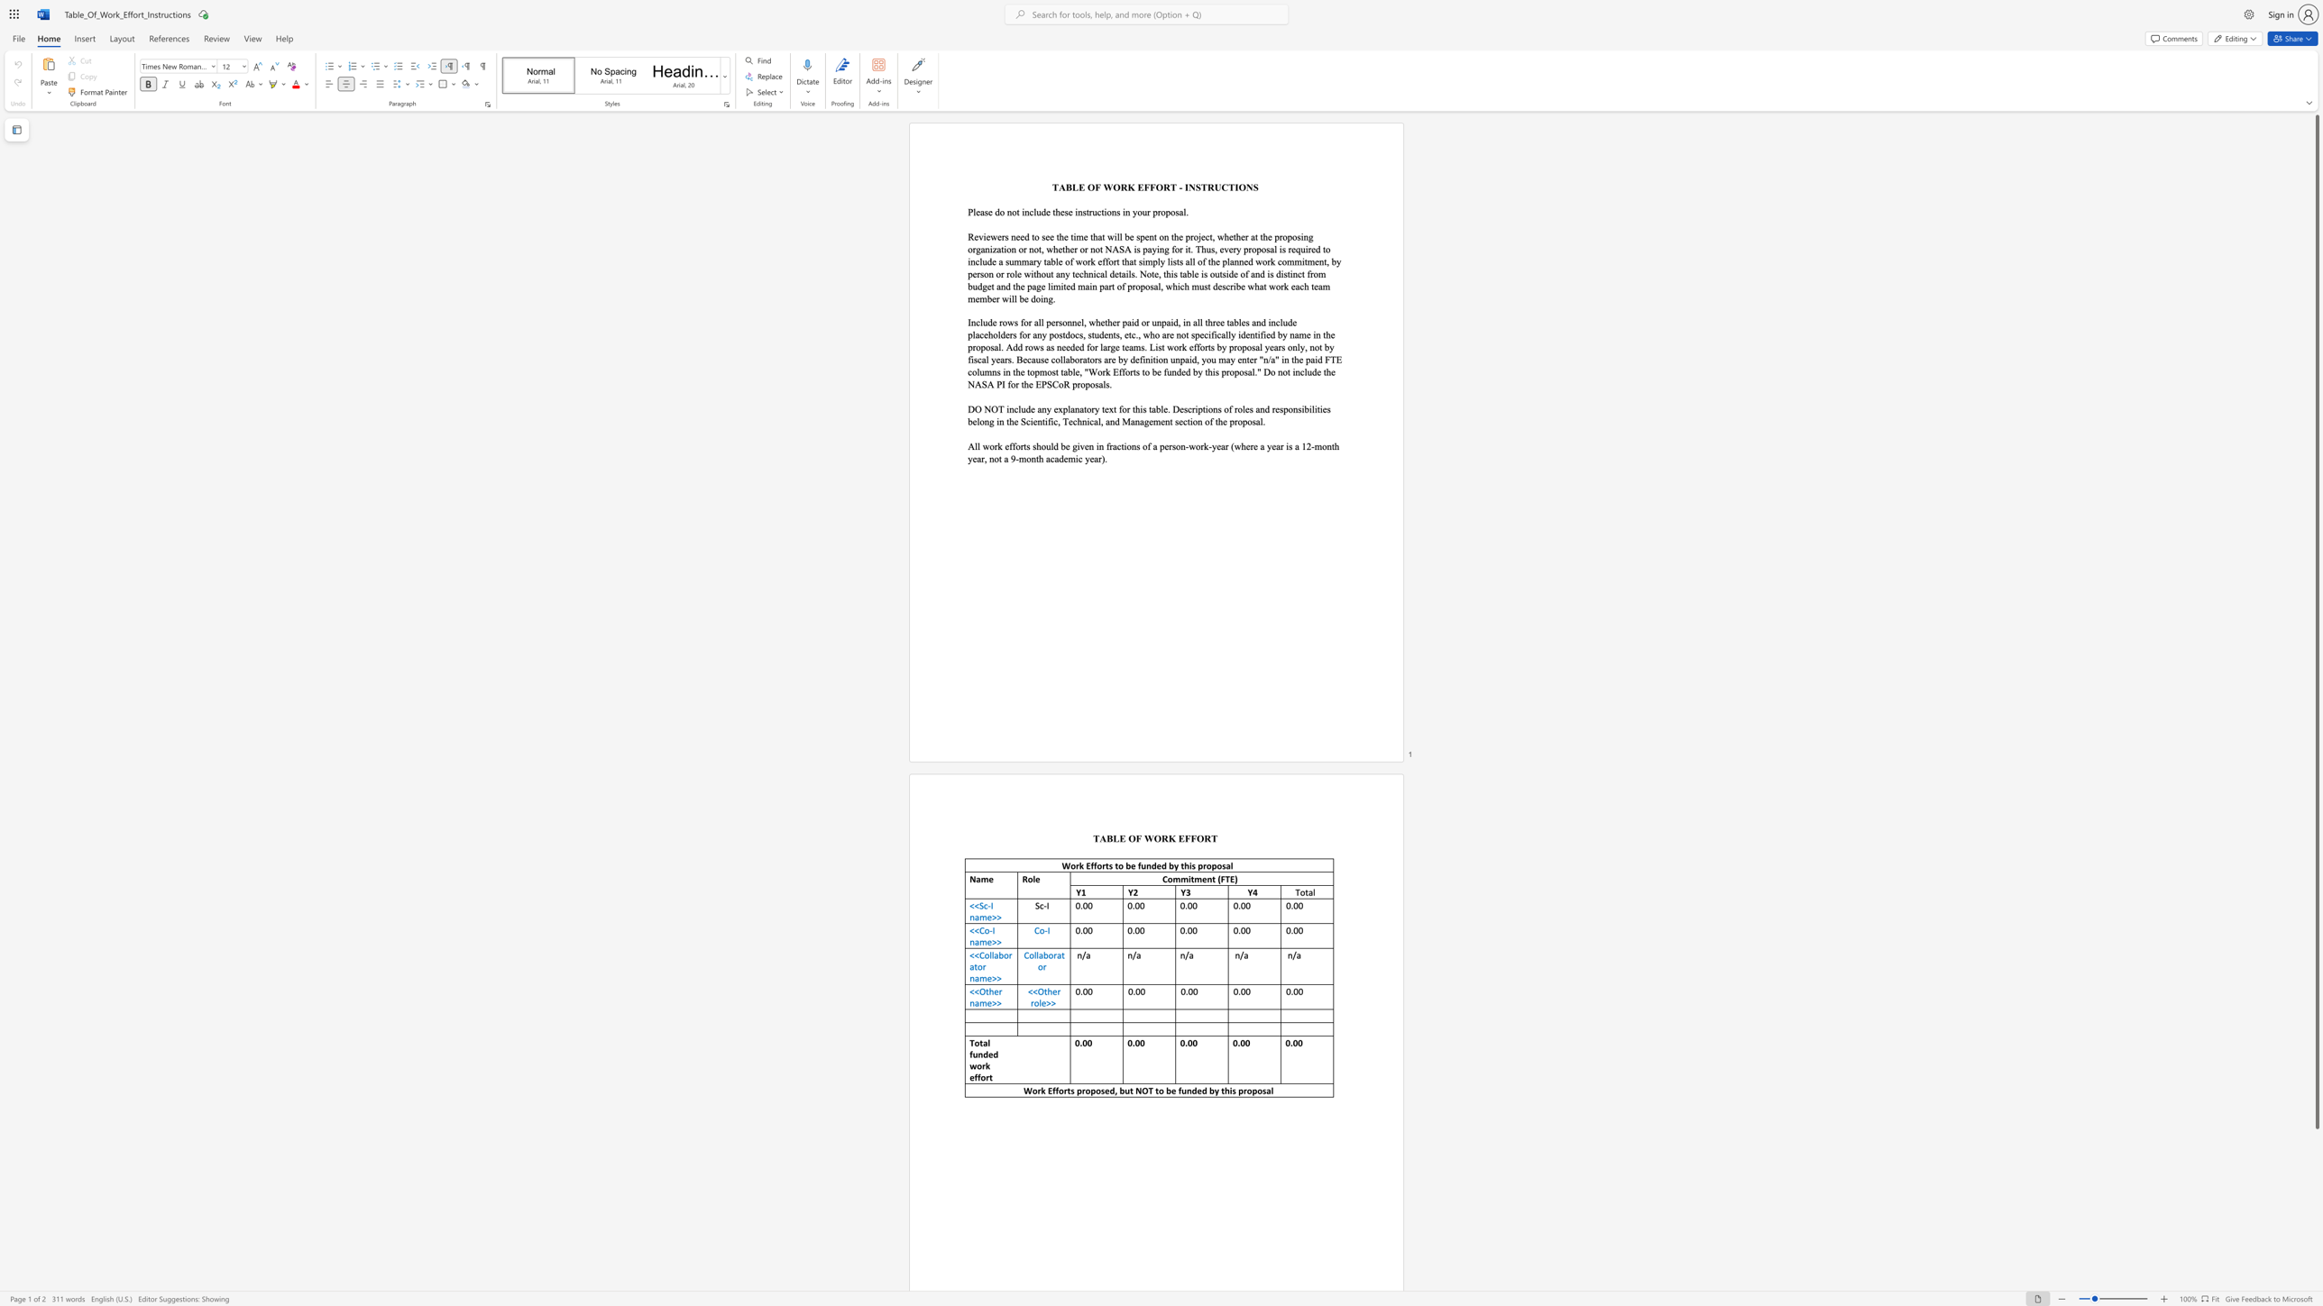 The height and width of the screenshot is (1306, 2323). What do you see at coordinates (2316, 1251) in the screenshot?
I see `the scrollbar to move the page down` at bounding box center [2316, 1251].